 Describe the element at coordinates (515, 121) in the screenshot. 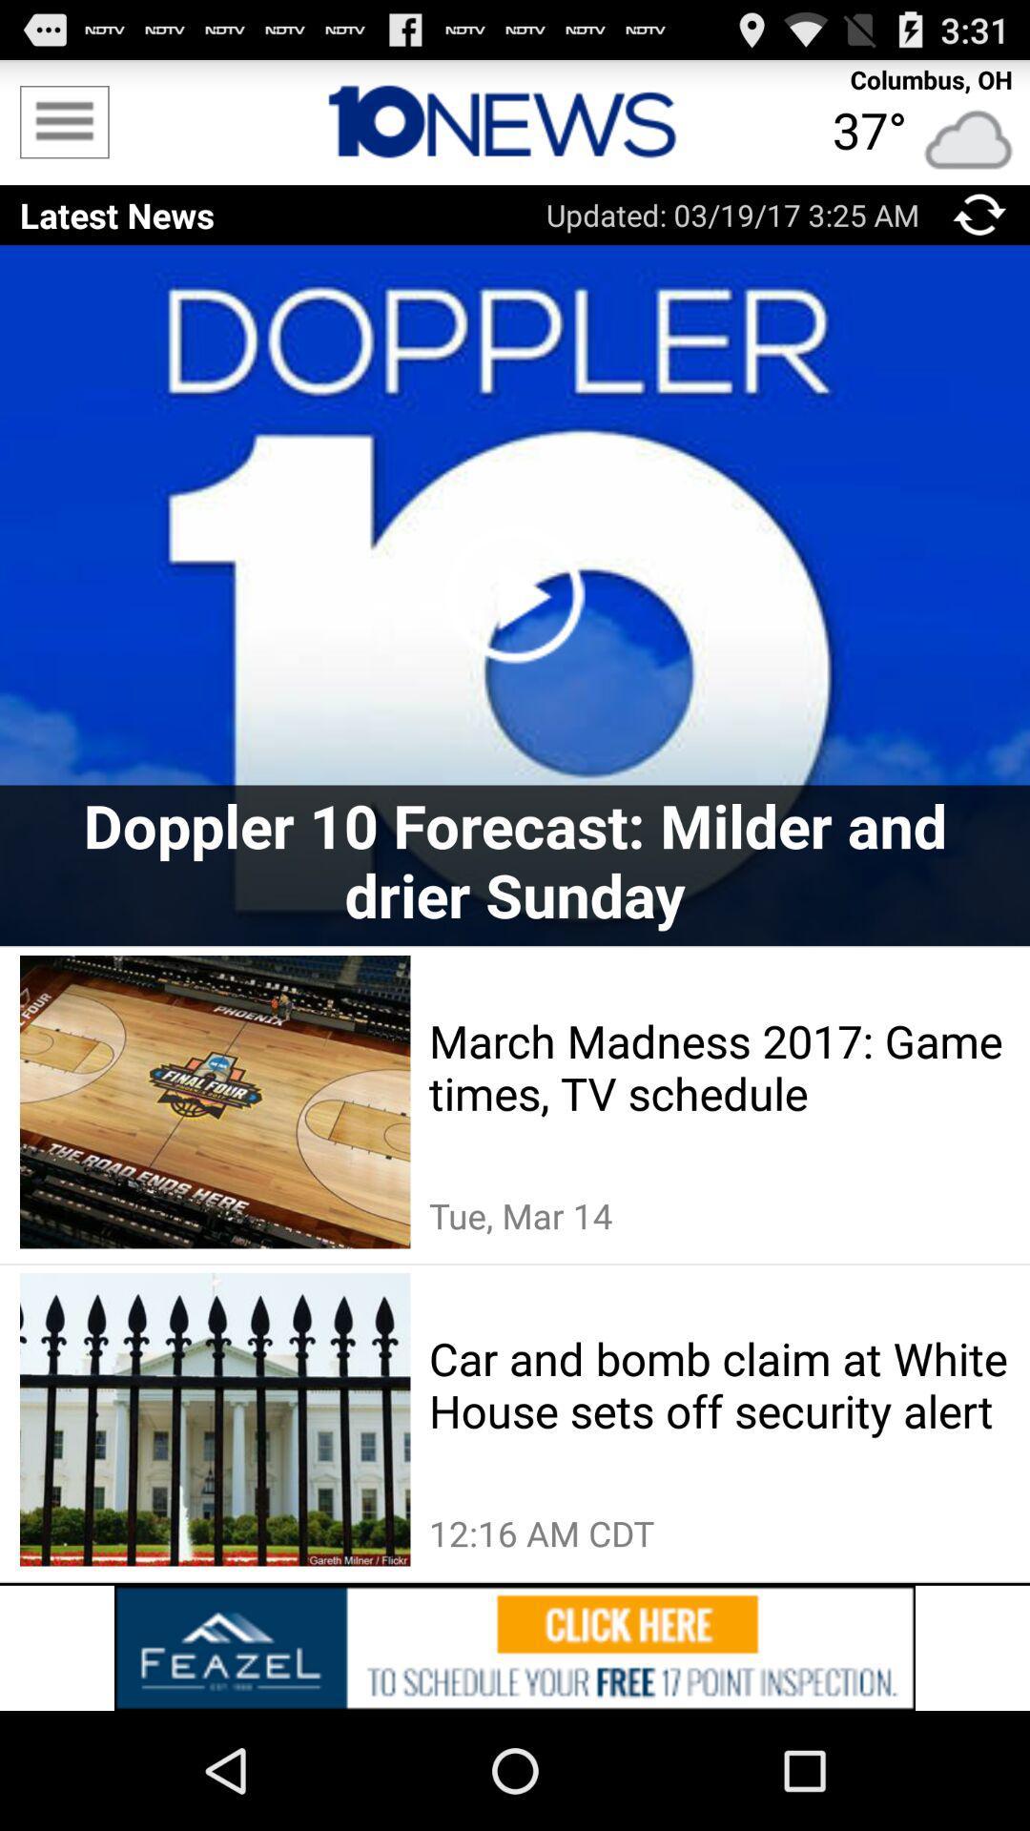

I see `website home` at that location.